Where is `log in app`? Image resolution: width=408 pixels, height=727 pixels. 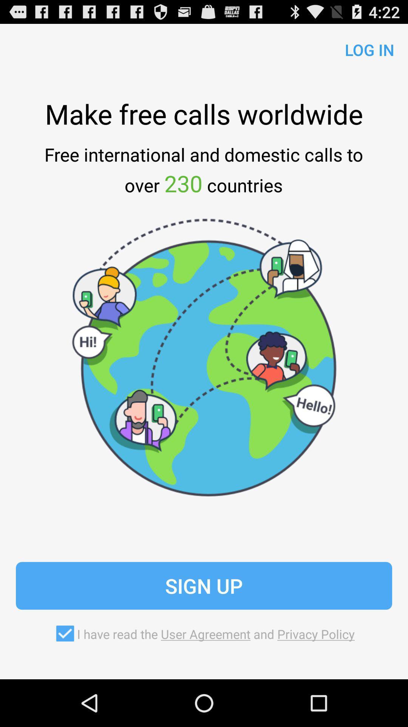 log in app is located at coordinates (366, 48).